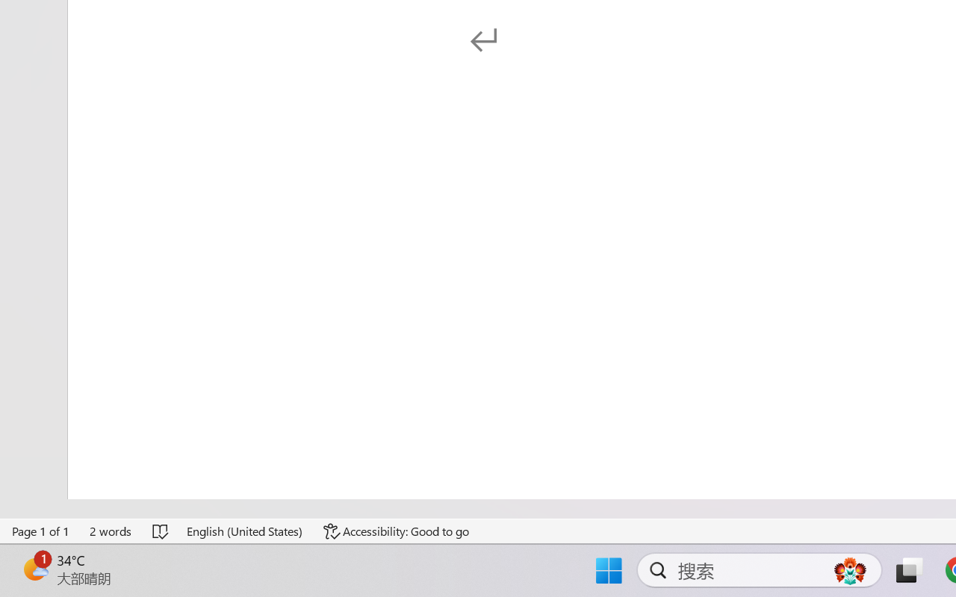 The height and width of the screenshot is (597, 956). What do you see at coordinates (111, 531) in the screenshot?
I see `'Word Count 2 words'` at bounding box center [111, 531].